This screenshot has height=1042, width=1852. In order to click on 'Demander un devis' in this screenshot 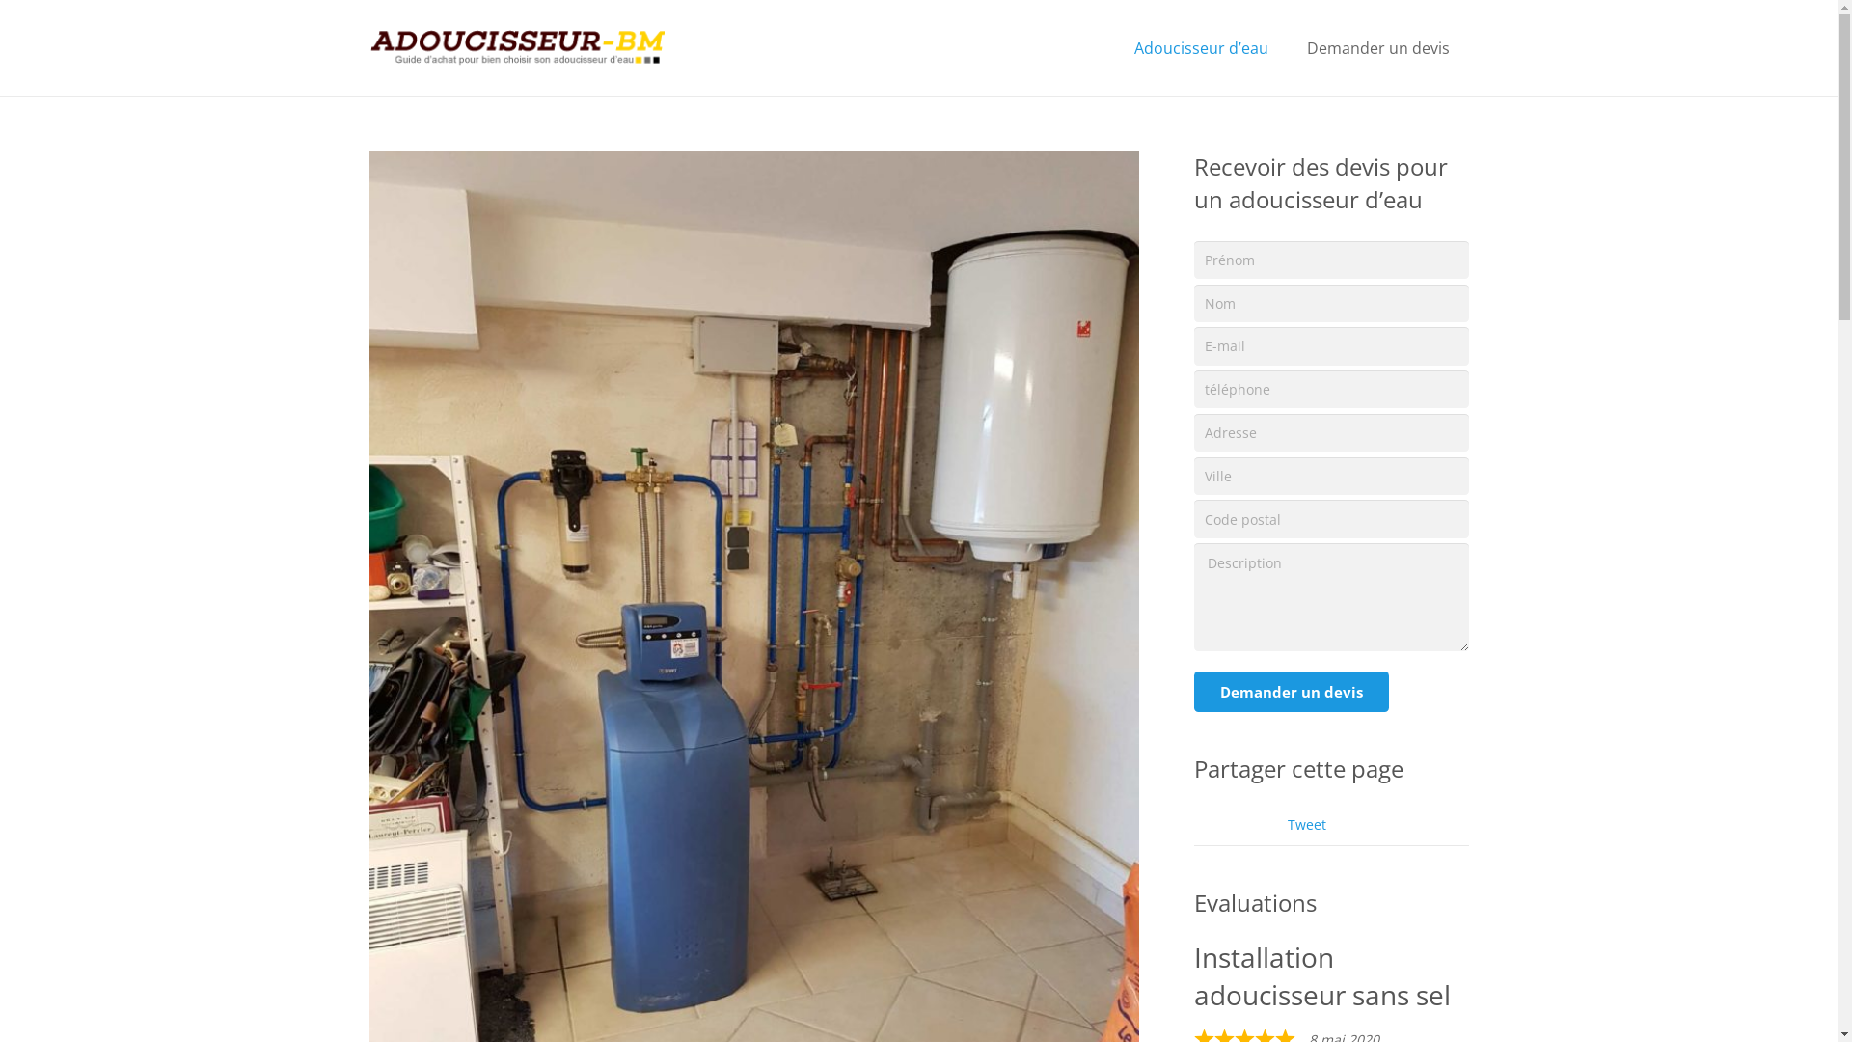, I will do `click(1292, 691)`.